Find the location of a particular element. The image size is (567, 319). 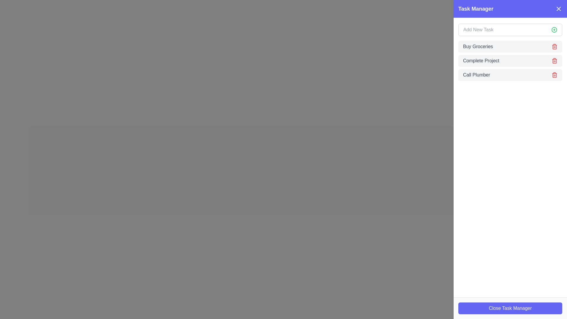

the text label displaying the task name 'Buy Groceries' located in the upper region of the 'Task Manager' panel, which is the first item in the list below the 'Add New Task' input field is located at coordinates (478, 46).